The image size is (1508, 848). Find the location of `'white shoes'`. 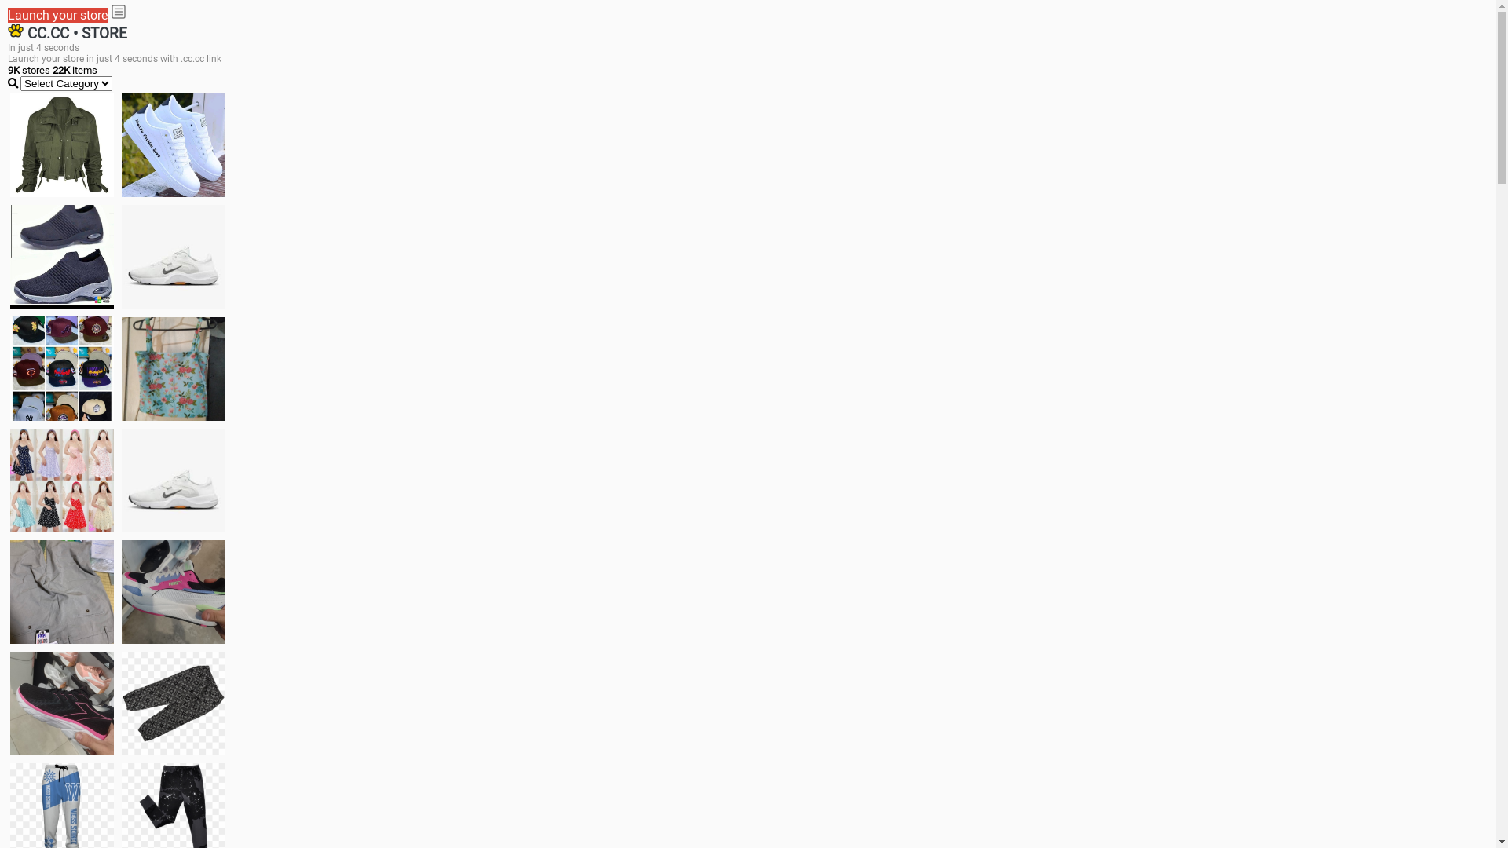

'white shoes' is located at coordinates (120, 145).